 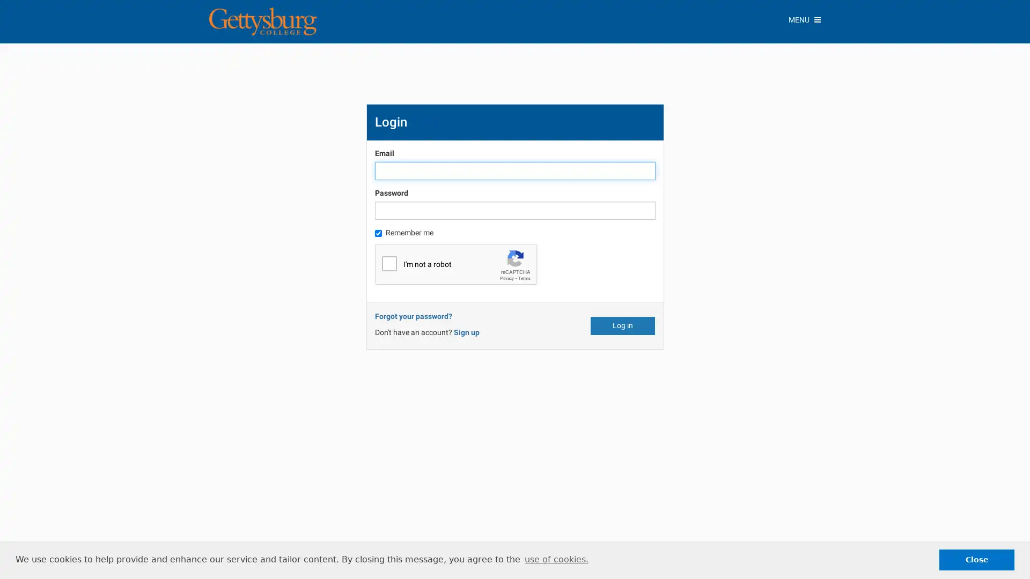 I want to click on dismiss cookie message, so click(x=976, y=559).